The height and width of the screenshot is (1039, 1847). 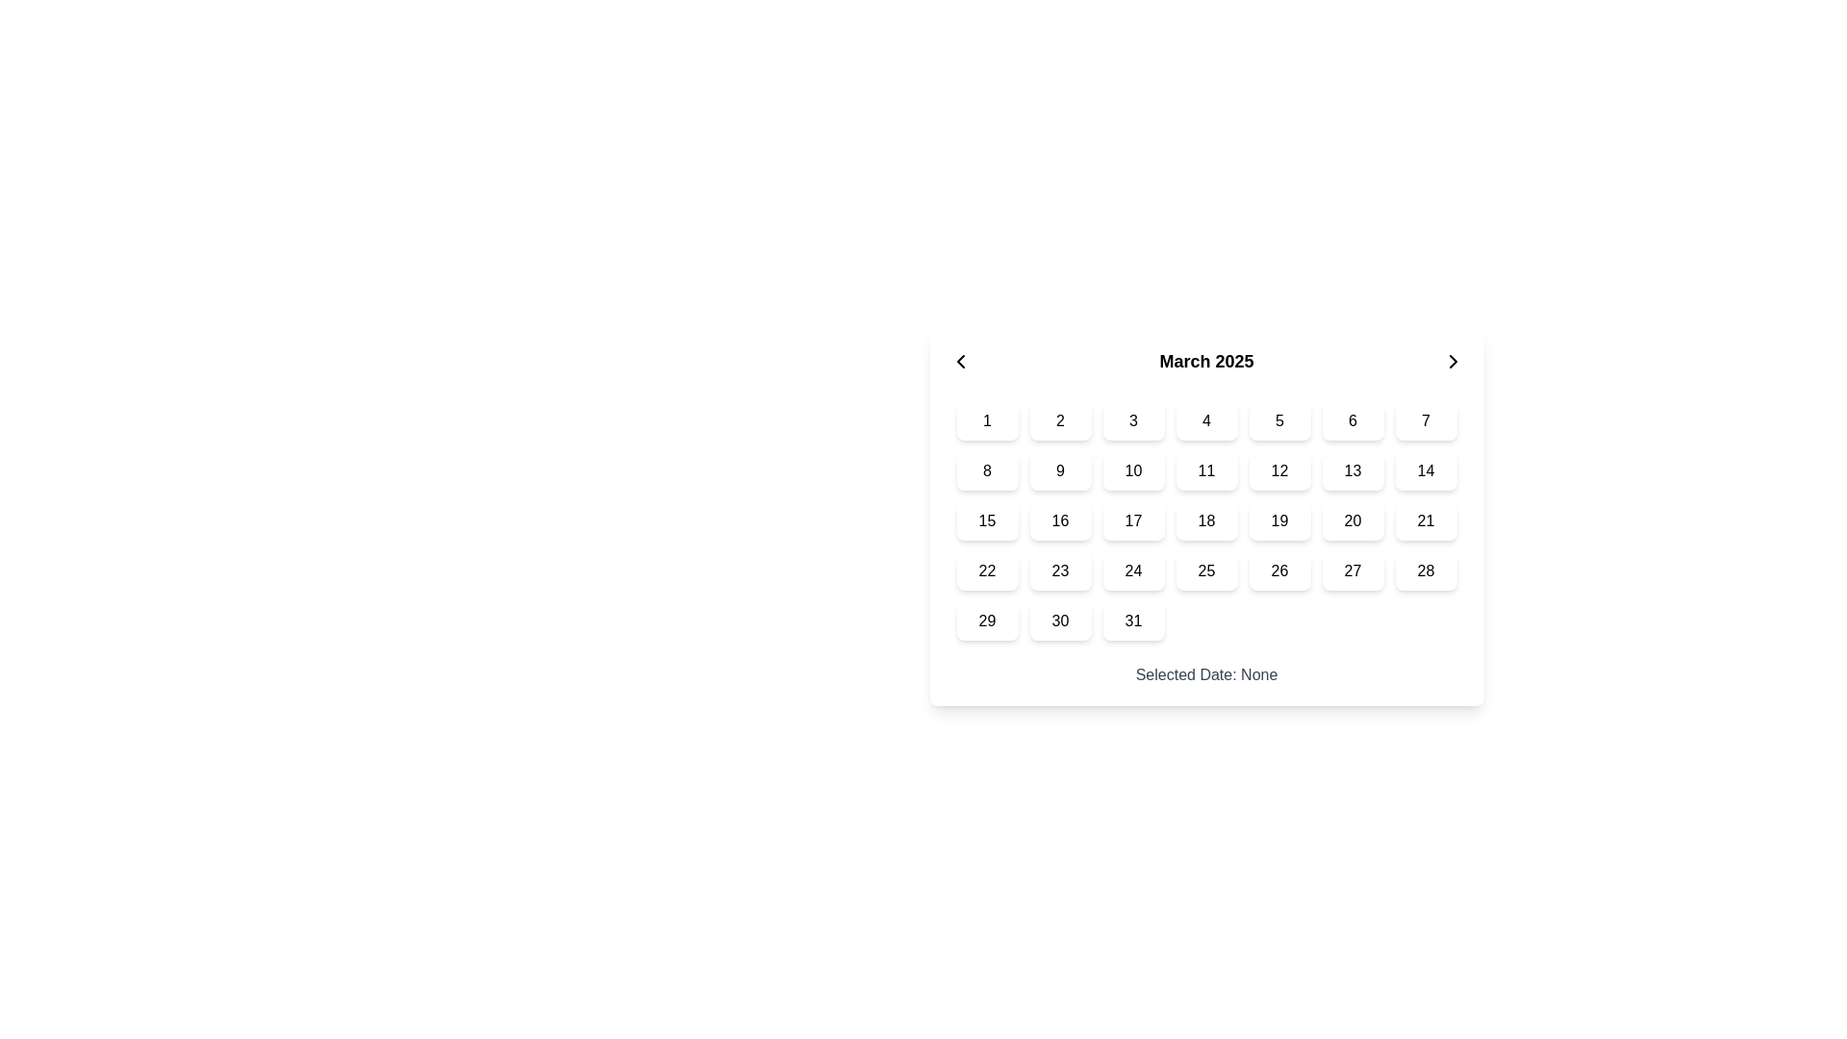 I want to click on the button displaying the number '5' in bold text, which is the fifth cell in the first row of the calendar grid for March 2025, so click(x=1279, y=420).